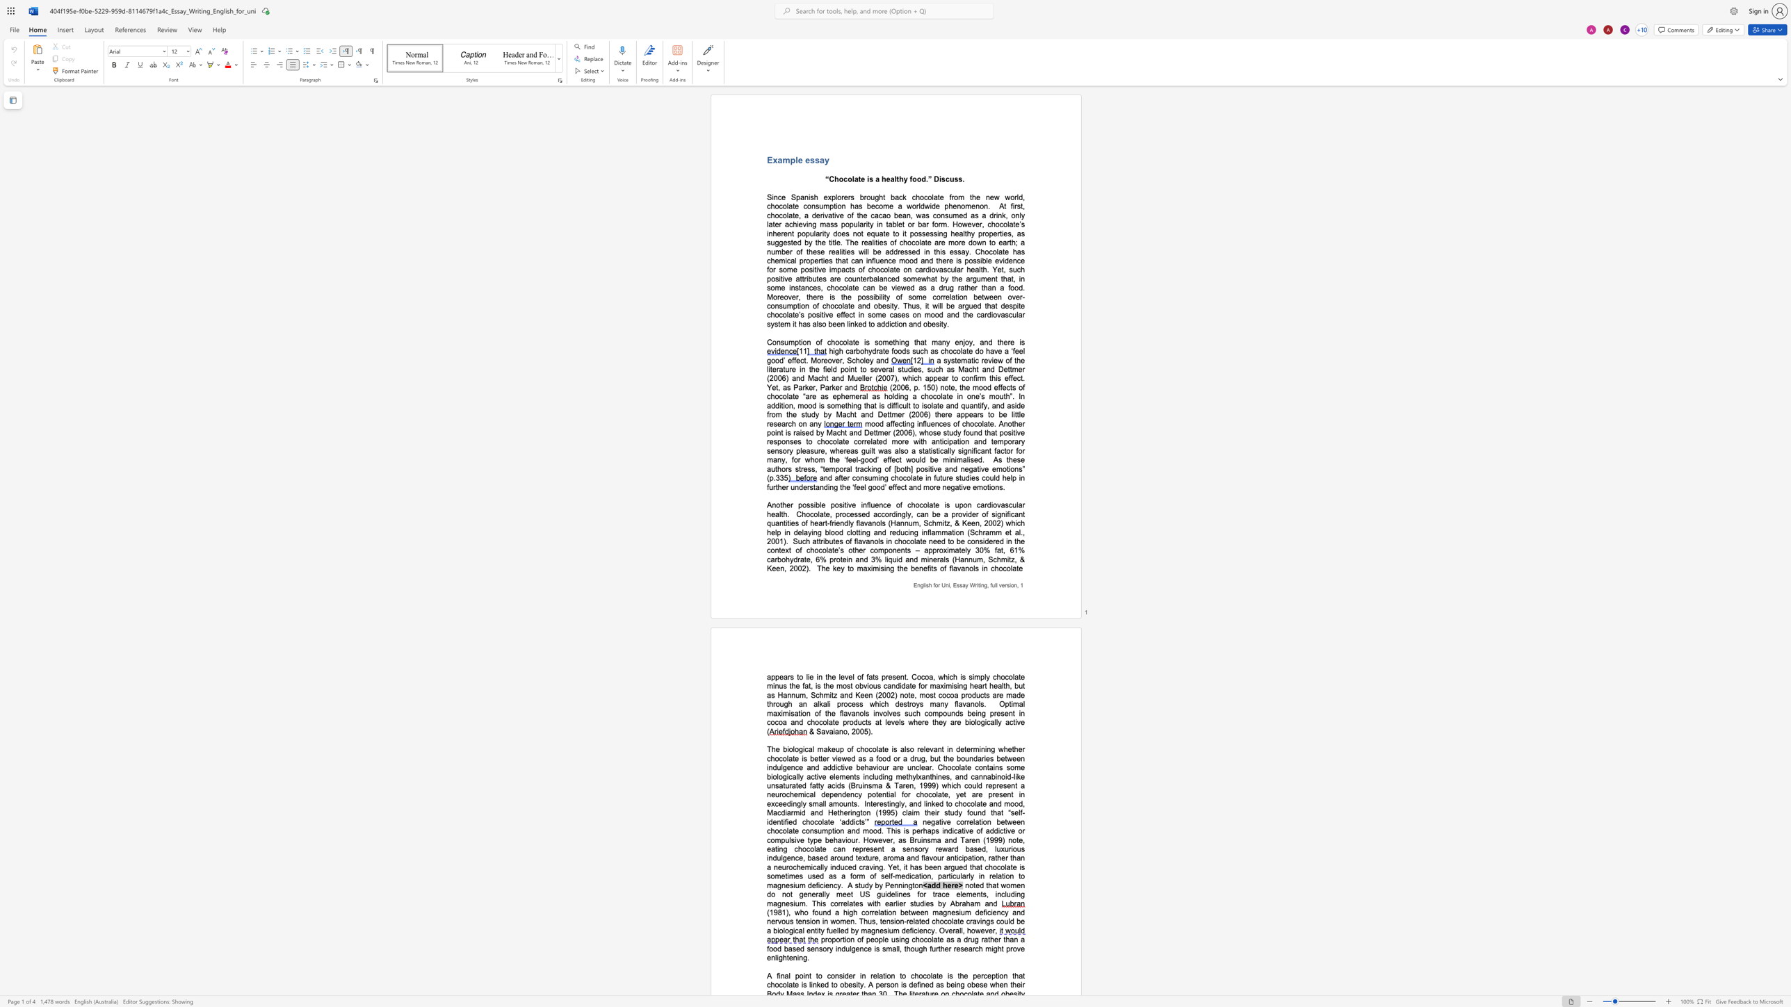 The image size is (1791, 1007). I want to click on the space between the continuous character "T" and "h" in the text, so click(821, 568).